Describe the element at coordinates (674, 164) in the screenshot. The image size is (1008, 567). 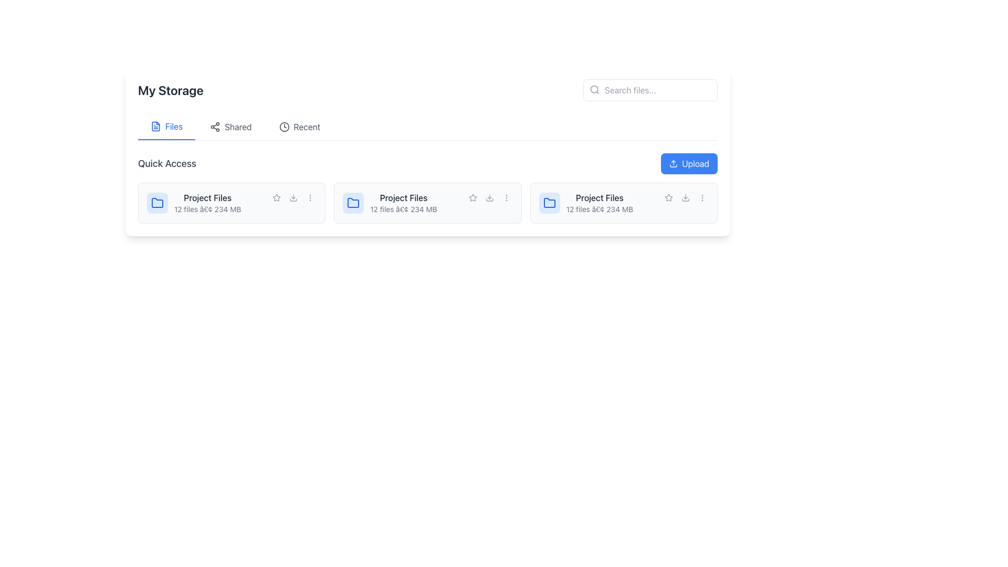
I see `the upload icon located within the blue 'Upload' button at the top-right corner of the interface, which features an upward-pointing arrow` at that location.